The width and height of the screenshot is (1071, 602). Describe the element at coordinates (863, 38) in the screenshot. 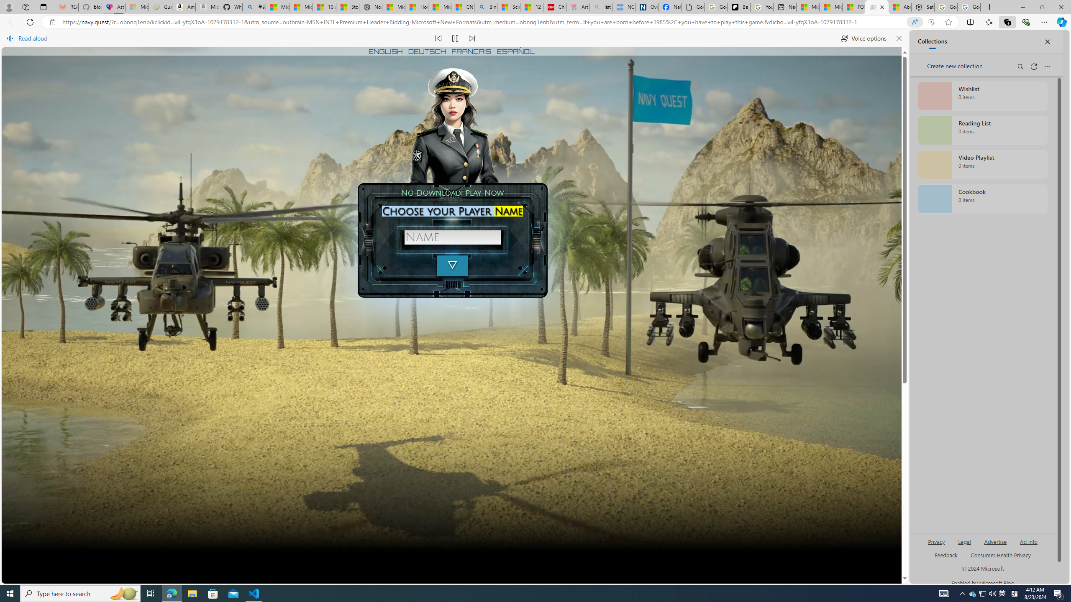

I see `'Voice options'` at that location.